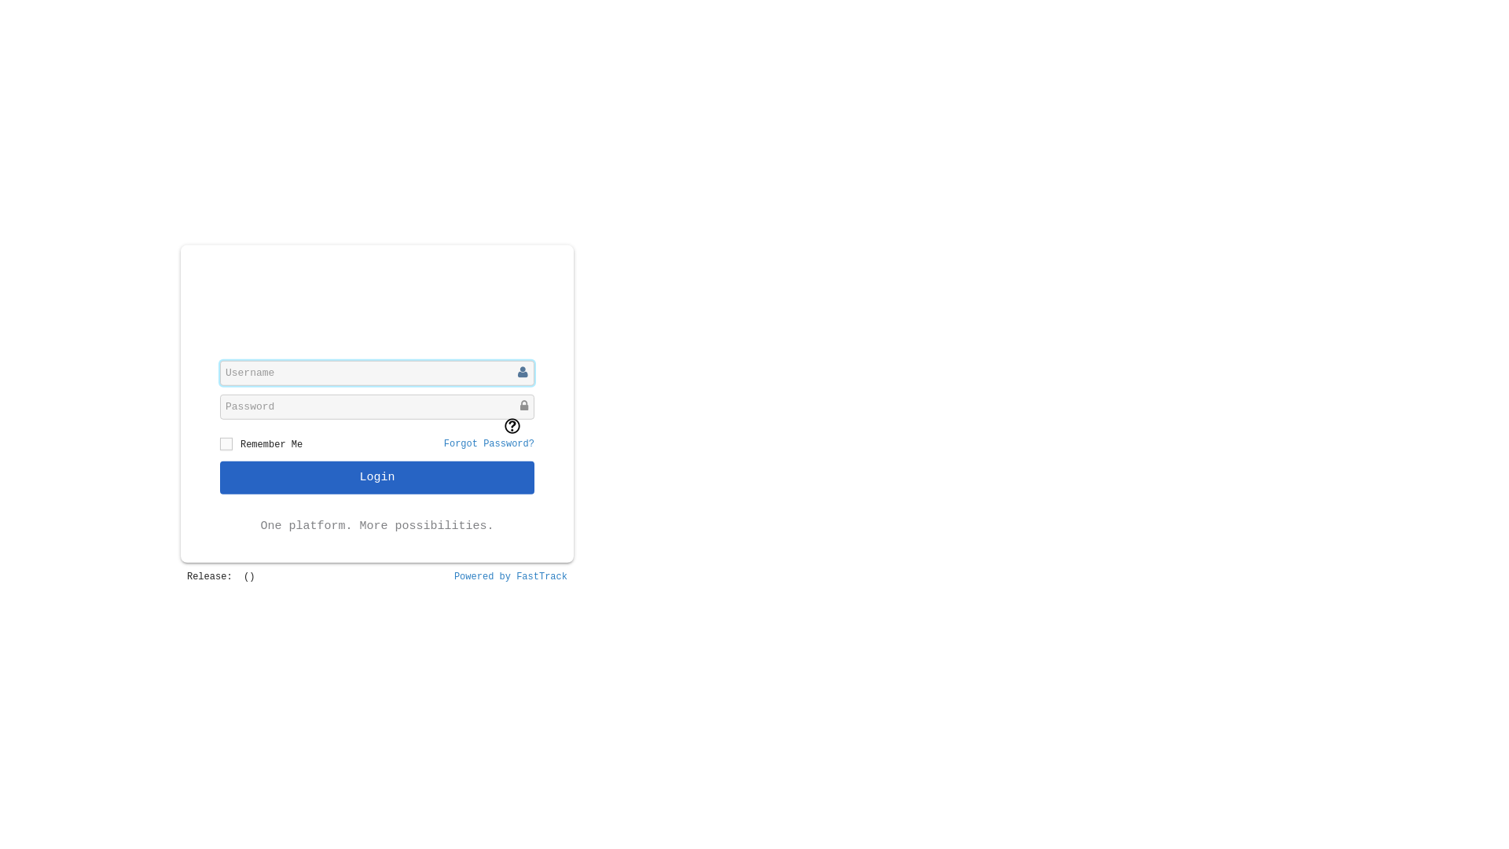  Describe the element at coordinates (453, 576) in the screenshot. I see `'Powered by FastTrack'` at that location.